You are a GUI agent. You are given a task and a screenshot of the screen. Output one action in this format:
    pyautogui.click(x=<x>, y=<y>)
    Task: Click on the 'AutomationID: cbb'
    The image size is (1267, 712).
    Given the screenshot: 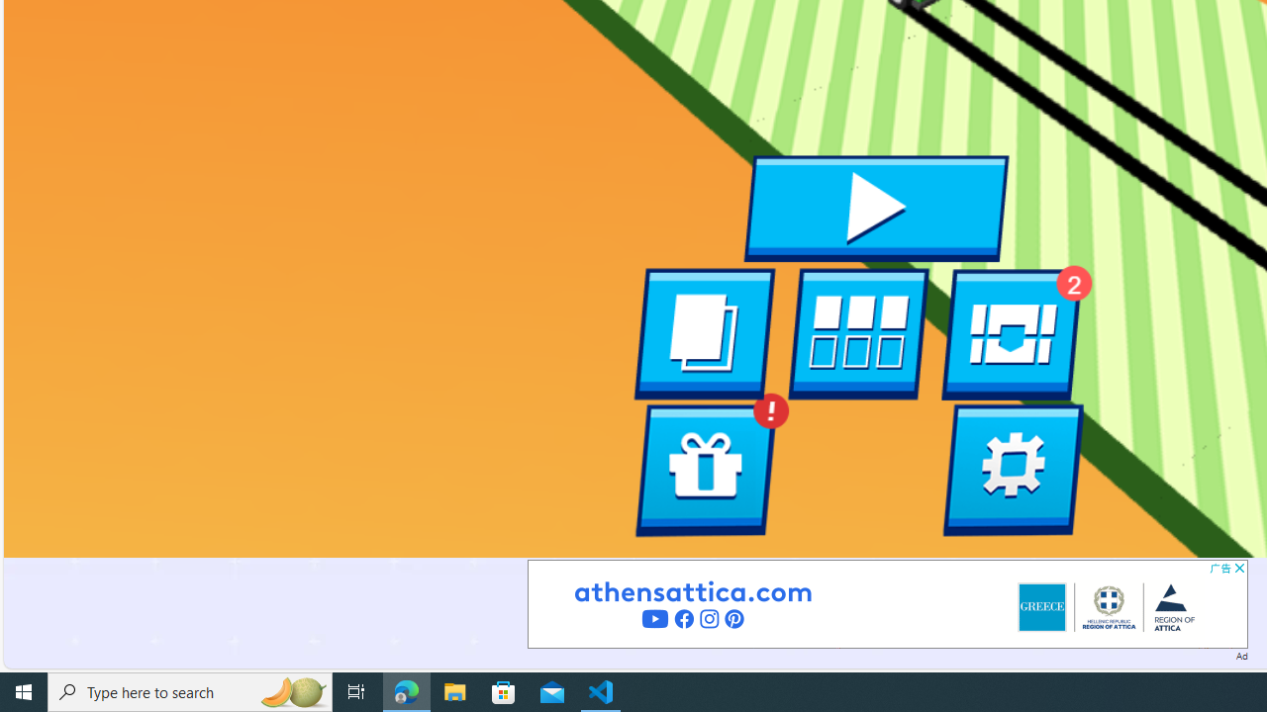 What is the action you would take?
    pyautogui.click(x=1238, y=568)
    